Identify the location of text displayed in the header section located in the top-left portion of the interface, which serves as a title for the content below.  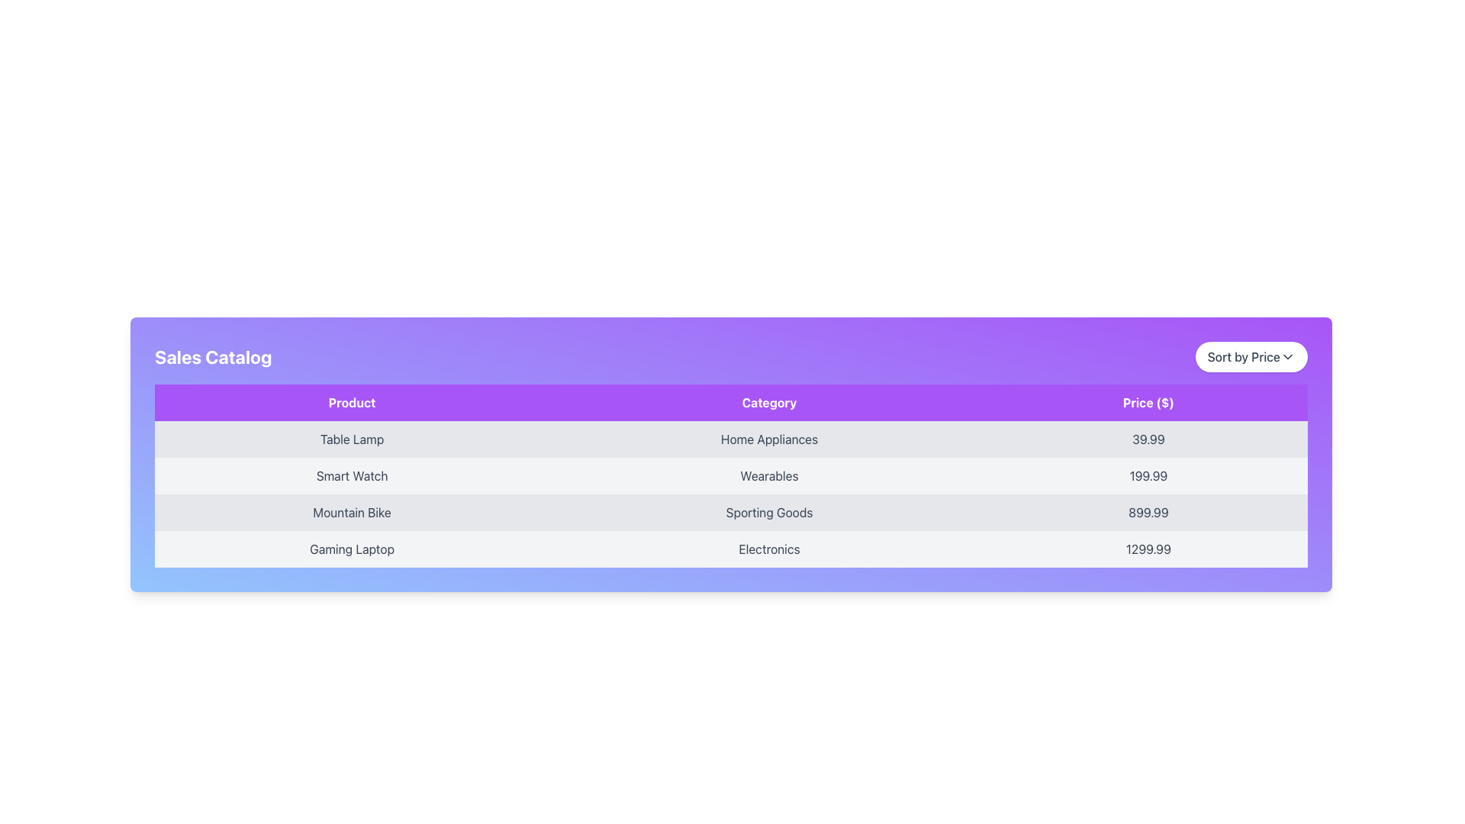
(212, 356).